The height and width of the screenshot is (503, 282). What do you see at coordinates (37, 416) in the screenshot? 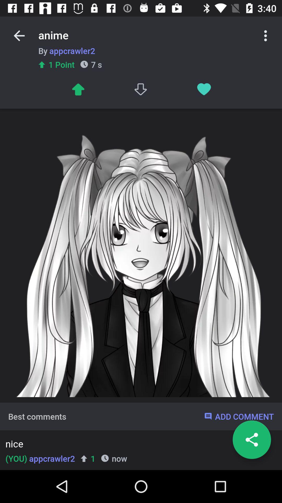
I see `best comments icon` at bounding box center [37, 416].